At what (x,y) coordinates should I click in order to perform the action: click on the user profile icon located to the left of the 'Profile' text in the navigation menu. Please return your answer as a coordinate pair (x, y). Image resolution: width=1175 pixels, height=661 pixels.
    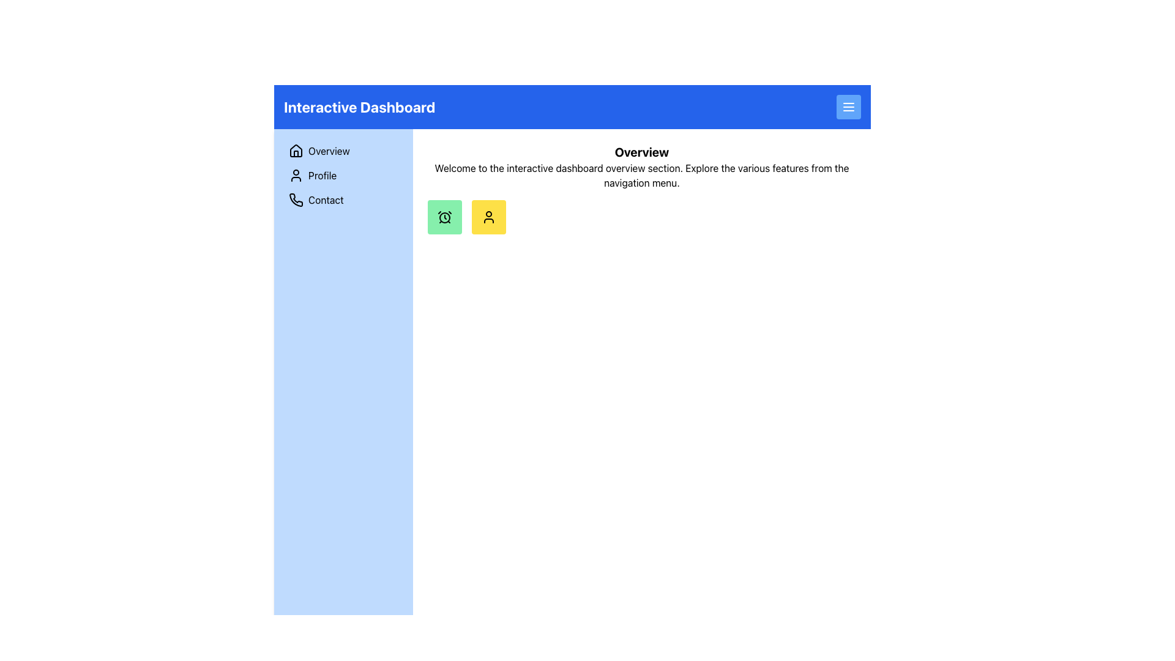
    Looking at the image, I should click on (296, 175).